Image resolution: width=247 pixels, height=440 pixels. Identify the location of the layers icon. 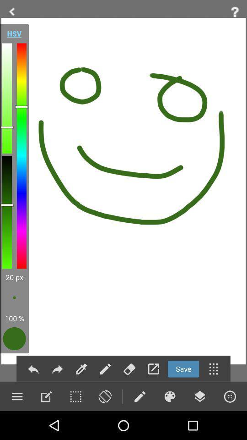
(199, 396).